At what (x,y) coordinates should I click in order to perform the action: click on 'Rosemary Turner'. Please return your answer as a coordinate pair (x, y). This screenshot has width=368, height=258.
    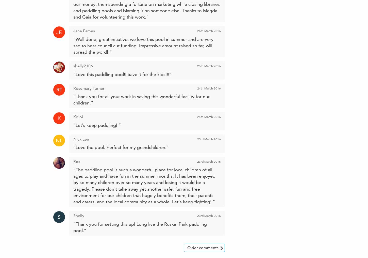
    Looking at the image, I should click on (89, 88).